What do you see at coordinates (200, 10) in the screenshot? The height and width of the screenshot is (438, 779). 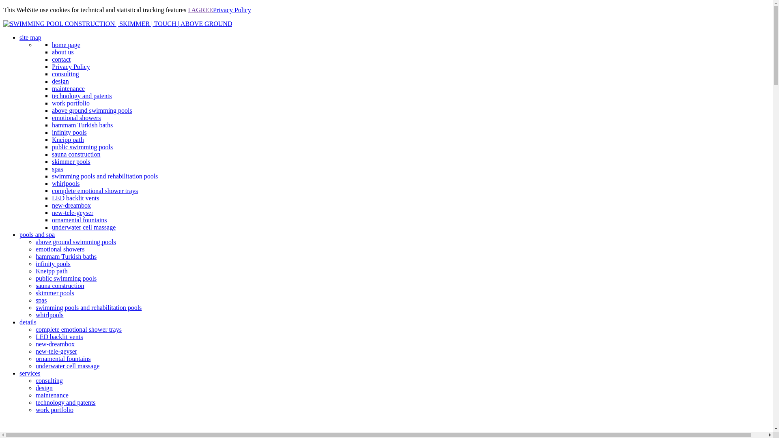 I see `'I AGREE'` at bounding box center [200, 10].